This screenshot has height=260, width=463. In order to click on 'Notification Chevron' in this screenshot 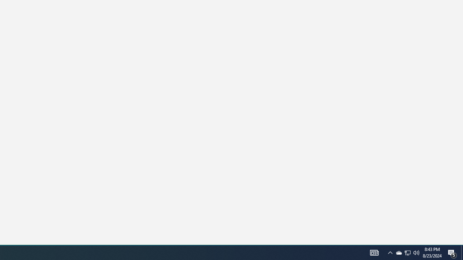, I will do `click(390, 252)`.